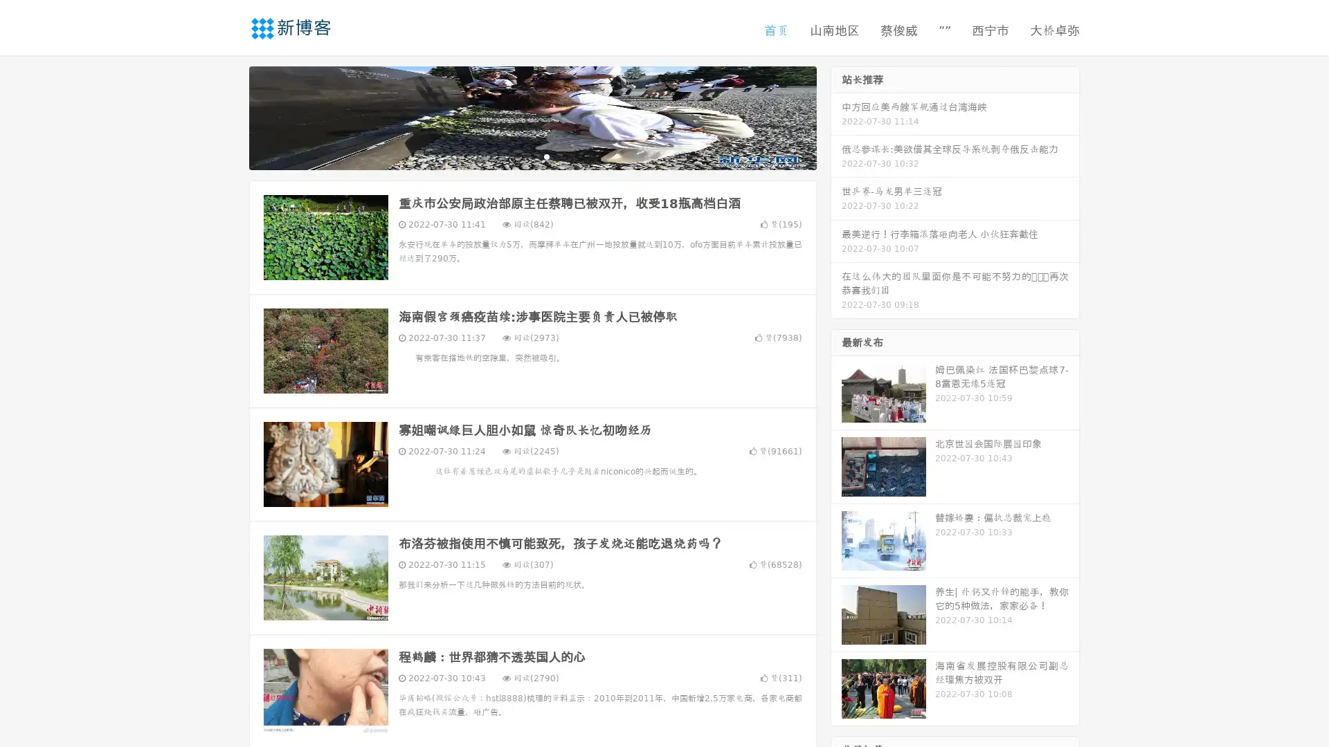  I want to click on Go to slide 3, so click(546, 156).